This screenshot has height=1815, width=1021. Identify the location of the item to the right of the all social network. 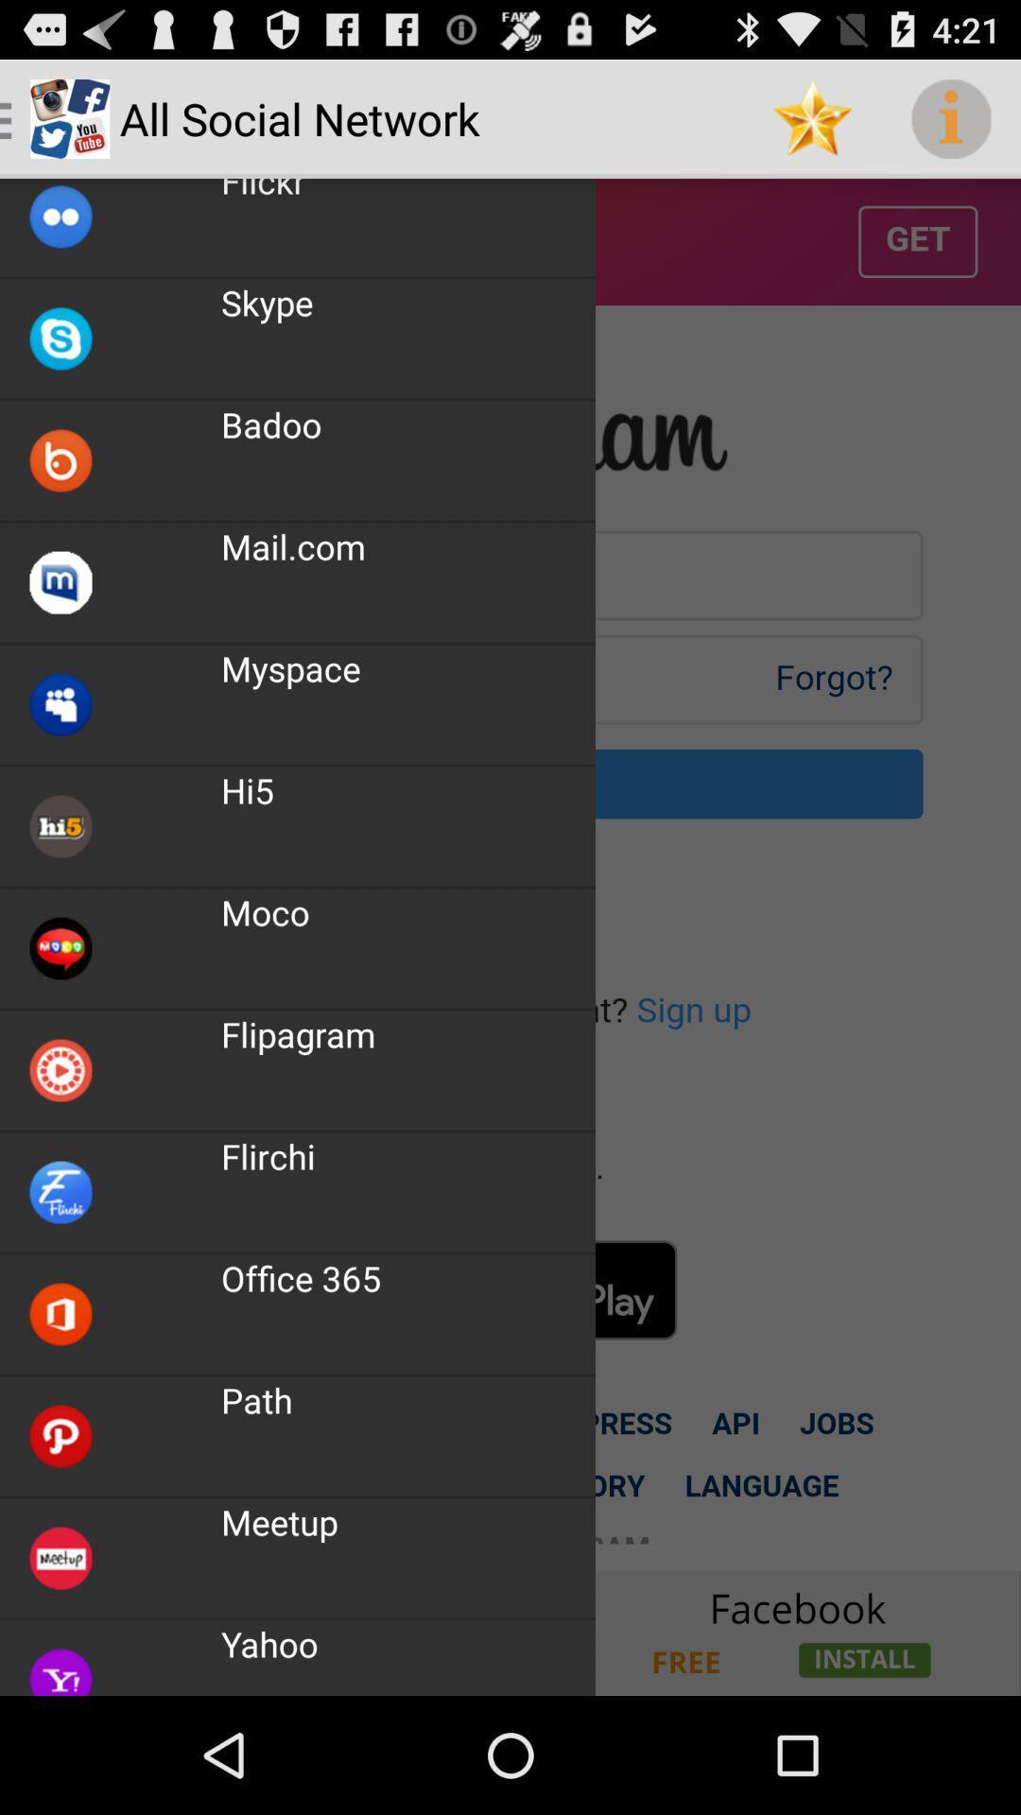
(811, 117).